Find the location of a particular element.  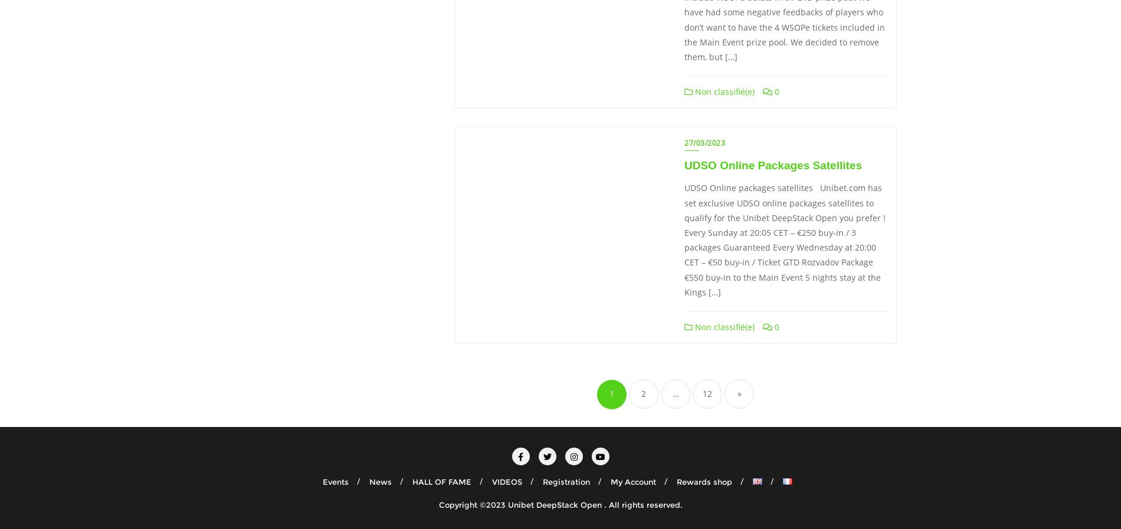

'My Account' is located at coordinates (633, 481).